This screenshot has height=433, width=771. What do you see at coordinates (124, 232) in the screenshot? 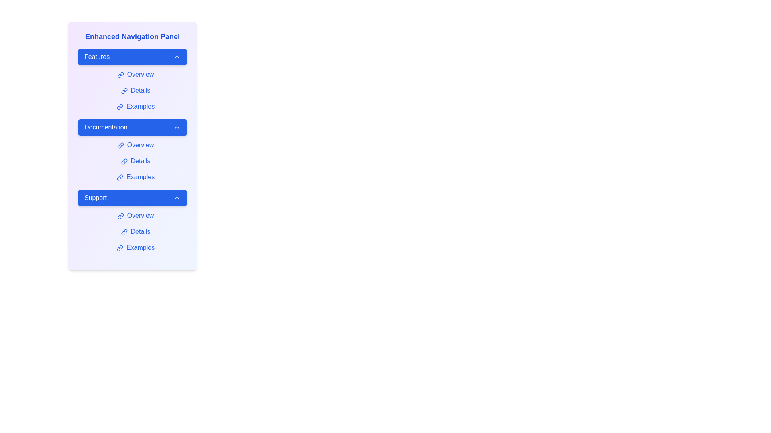
I see `the blue stylized chain link icon located to the left of the 'Details' text in the 'Support' section of the navigation panel` at bounding box center [124, 232].